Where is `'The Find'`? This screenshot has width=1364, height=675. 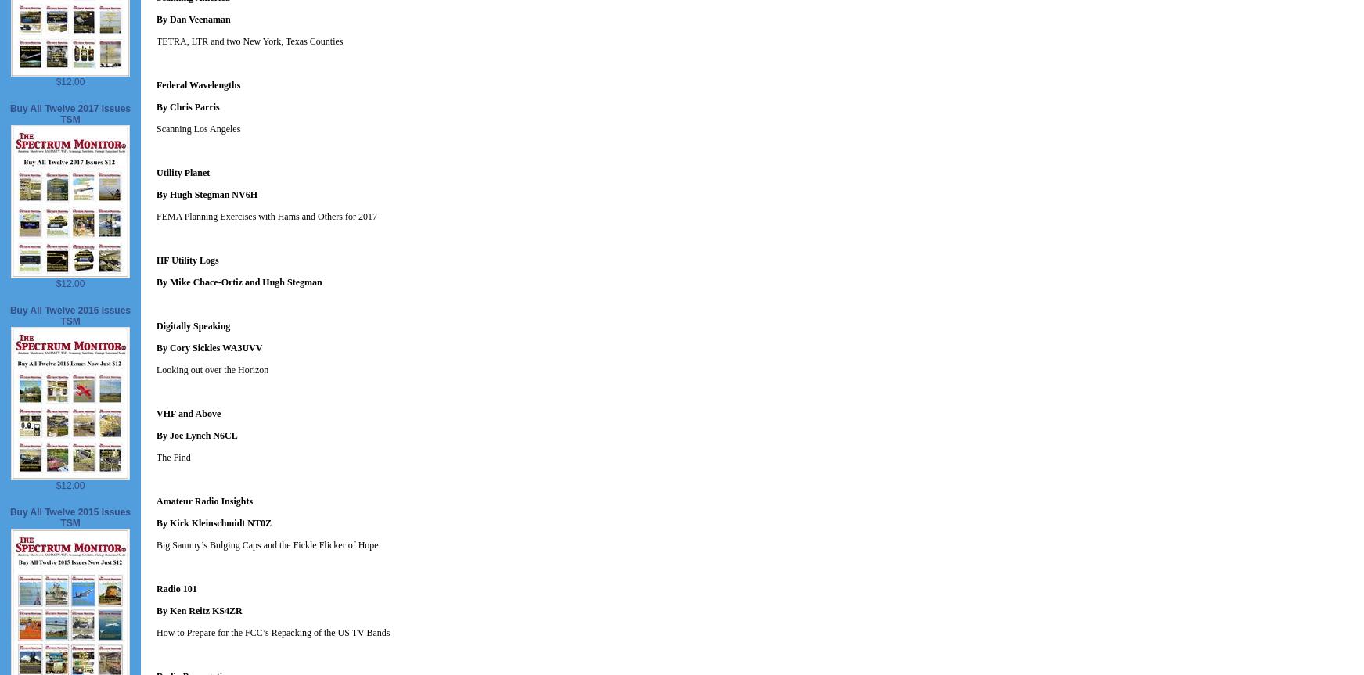
'The Find' is located at coordinates (173, 458).